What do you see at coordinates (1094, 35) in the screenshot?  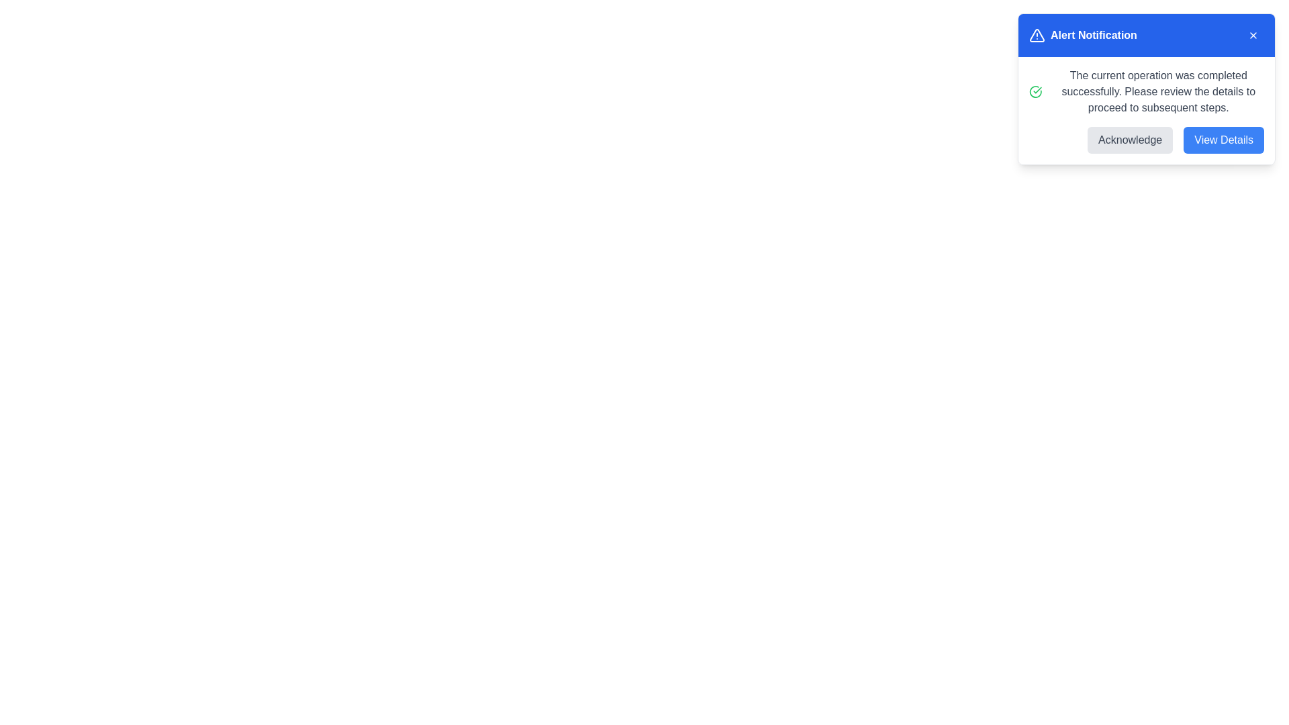 I see `the Static Text element that indicates the title of the notification, which is located at the upper center of the modal dialog box, to interact with the alert content` at bounding box center [1094, 35].